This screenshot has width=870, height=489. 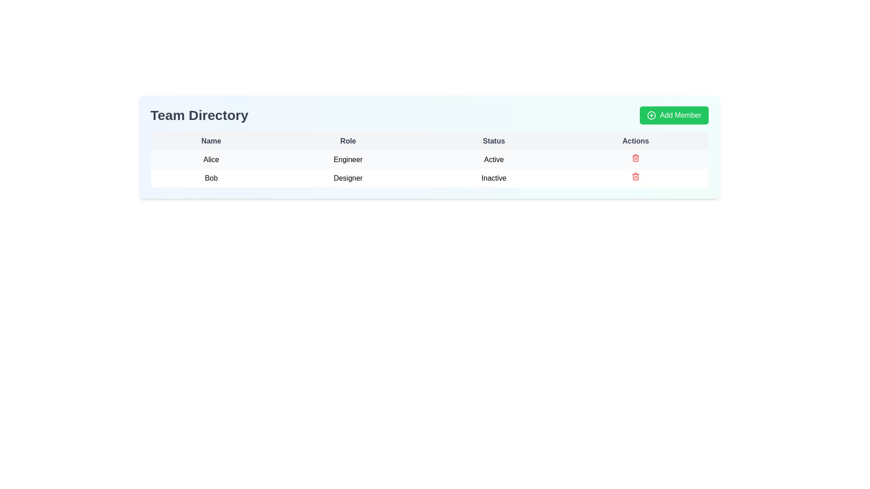 I want to click on the green 'Add Member' button located, so click(x=674, y=115).